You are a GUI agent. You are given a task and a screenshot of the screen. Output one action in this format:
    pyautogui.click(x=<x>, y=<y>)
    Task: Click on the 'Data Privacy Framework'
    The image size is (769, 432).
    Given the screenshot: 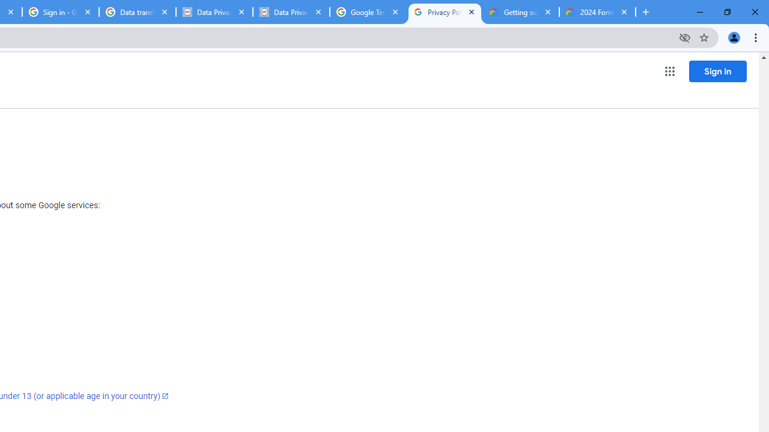 What is the action you would take?
    pyautogui.click(x=214, y=12)
    